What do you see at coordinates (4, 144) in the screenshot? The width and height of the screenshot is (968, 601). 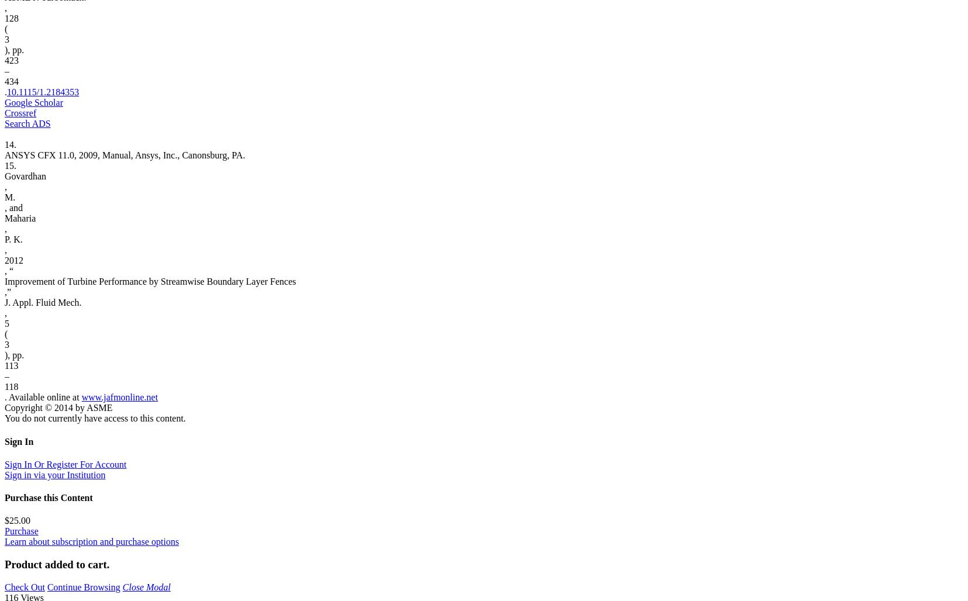 I see `'14.'` at bounding box center [4, 144].